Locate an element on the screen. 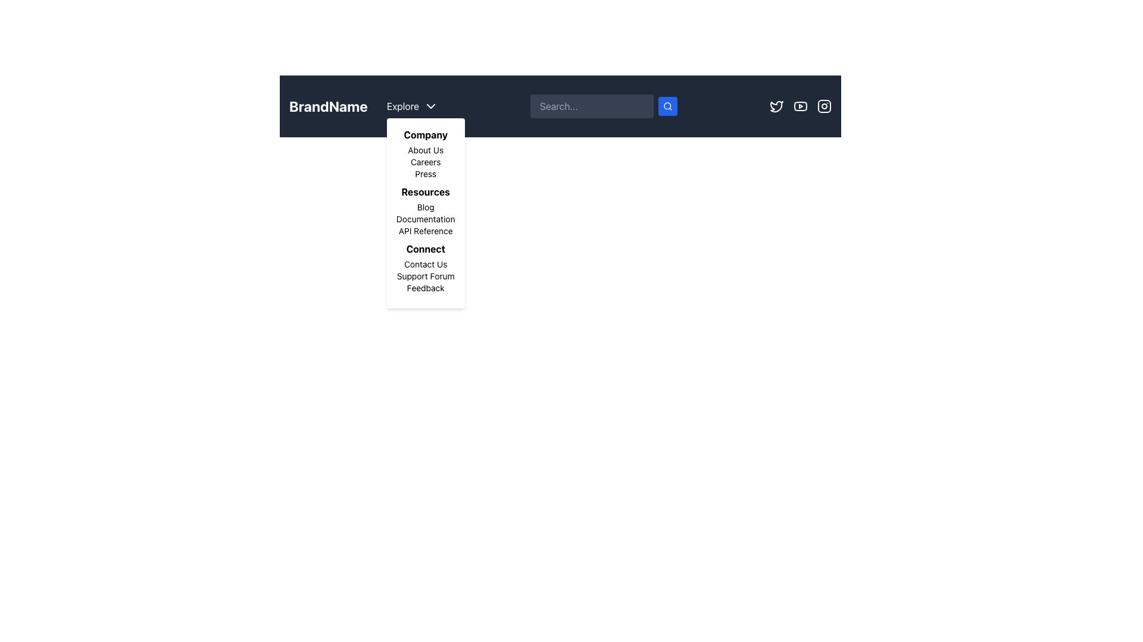 This screenshot has width=1143, height=642. the 'Connect' menu section in the dropdown under 'Explore' to observe the underline hover effect is located at coordinates (426, 268).